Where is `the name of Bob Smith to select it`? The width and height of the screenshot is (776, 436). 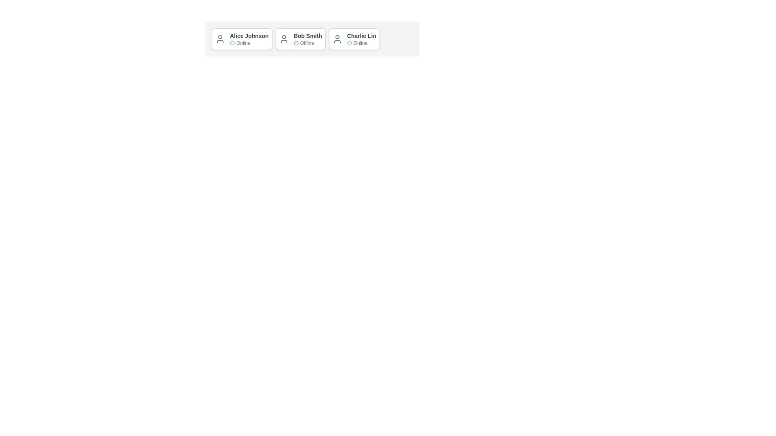
the name of Bob Smith to select it is located at coordinates (307, 35).